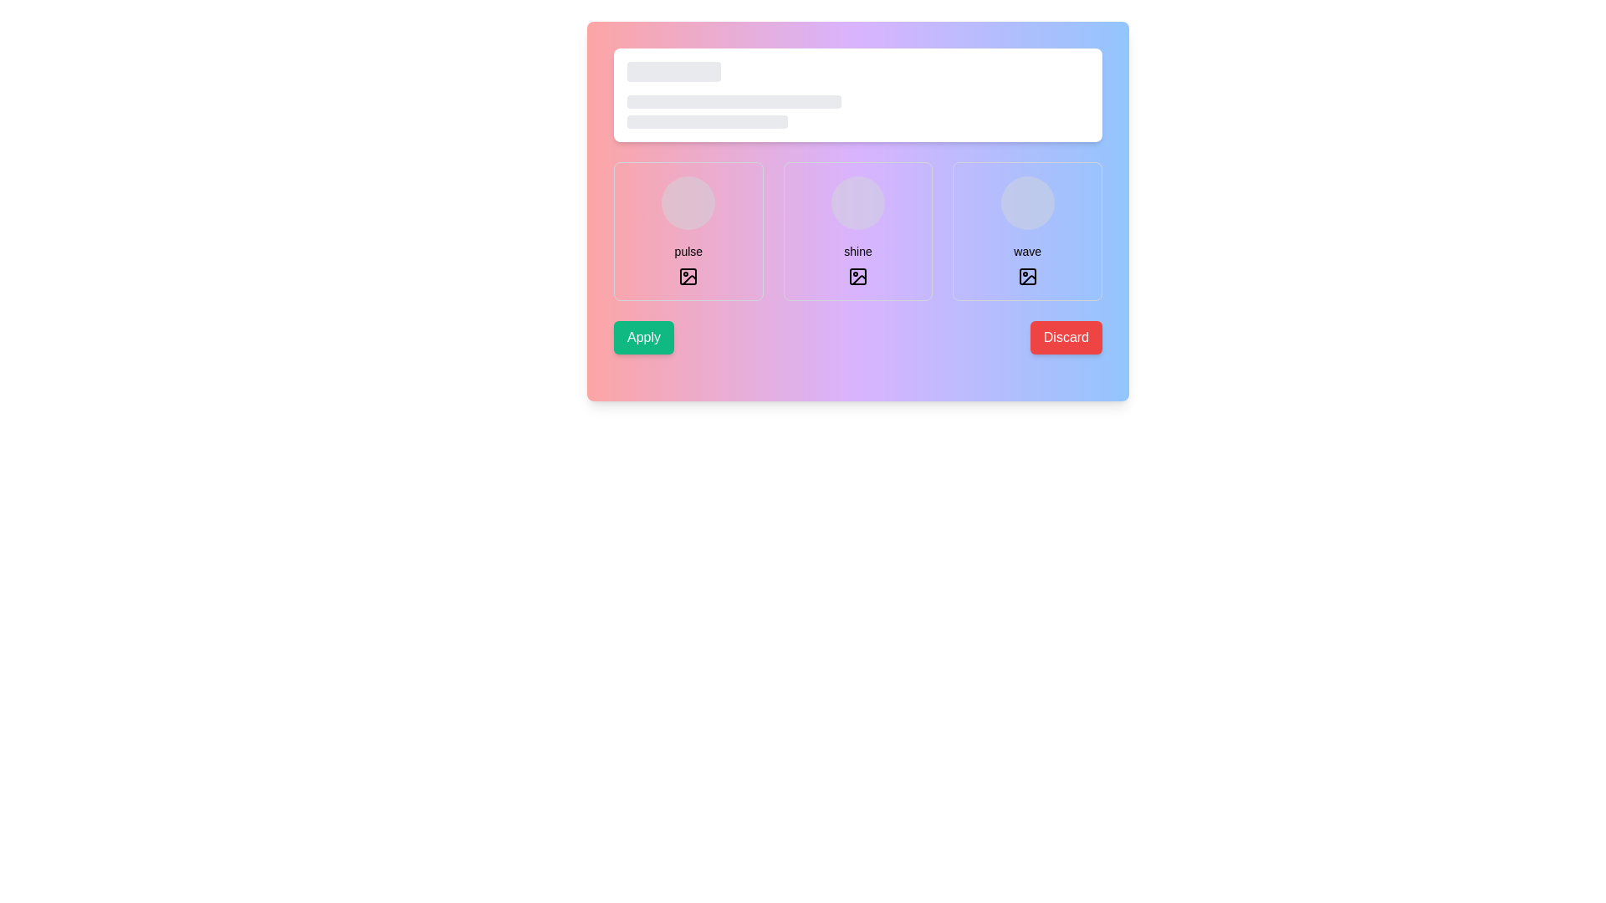 Image resolution: width=1606 pixels, height=903 pixels. Describe the element at coordinates (858, 276) in the screenshot. I see `the topmost rectangular SVG shape with rounded corners, which is part of an image placeholder icon labeled 'shine'` at that location.